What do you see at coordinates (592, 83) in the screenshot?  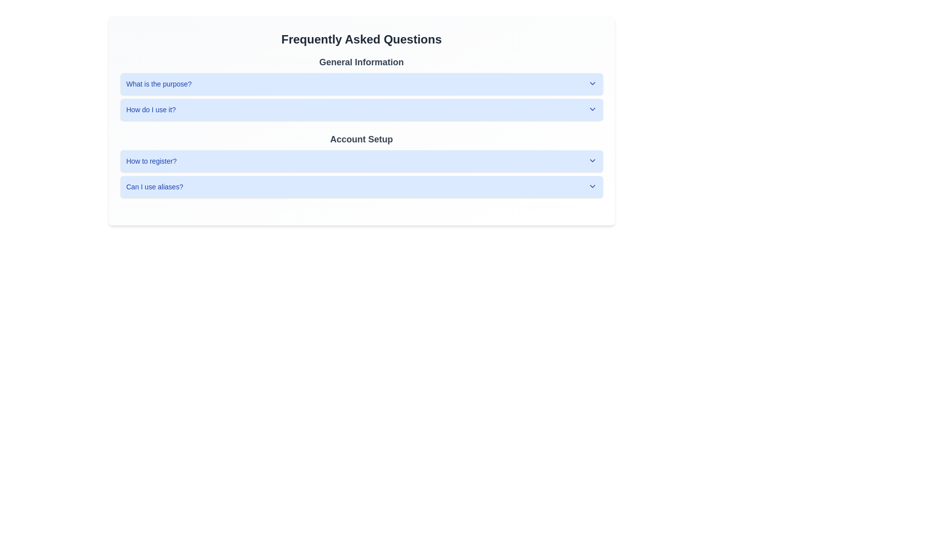 I see `the SVG icon at the end of the row labeled 'What is the purpose?'` at bounding box center [592, 83].